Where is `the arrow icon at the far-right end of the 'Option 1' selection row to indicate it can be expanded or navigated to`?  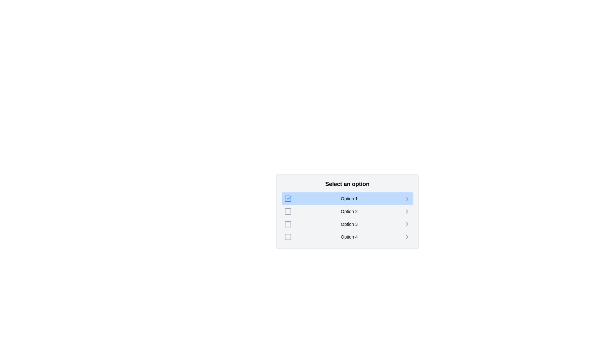 the arrow icon at the far-right end of the 'Option 1' selection row to indicate it can be expanded or navigated to is located at coordinates (406, 198).